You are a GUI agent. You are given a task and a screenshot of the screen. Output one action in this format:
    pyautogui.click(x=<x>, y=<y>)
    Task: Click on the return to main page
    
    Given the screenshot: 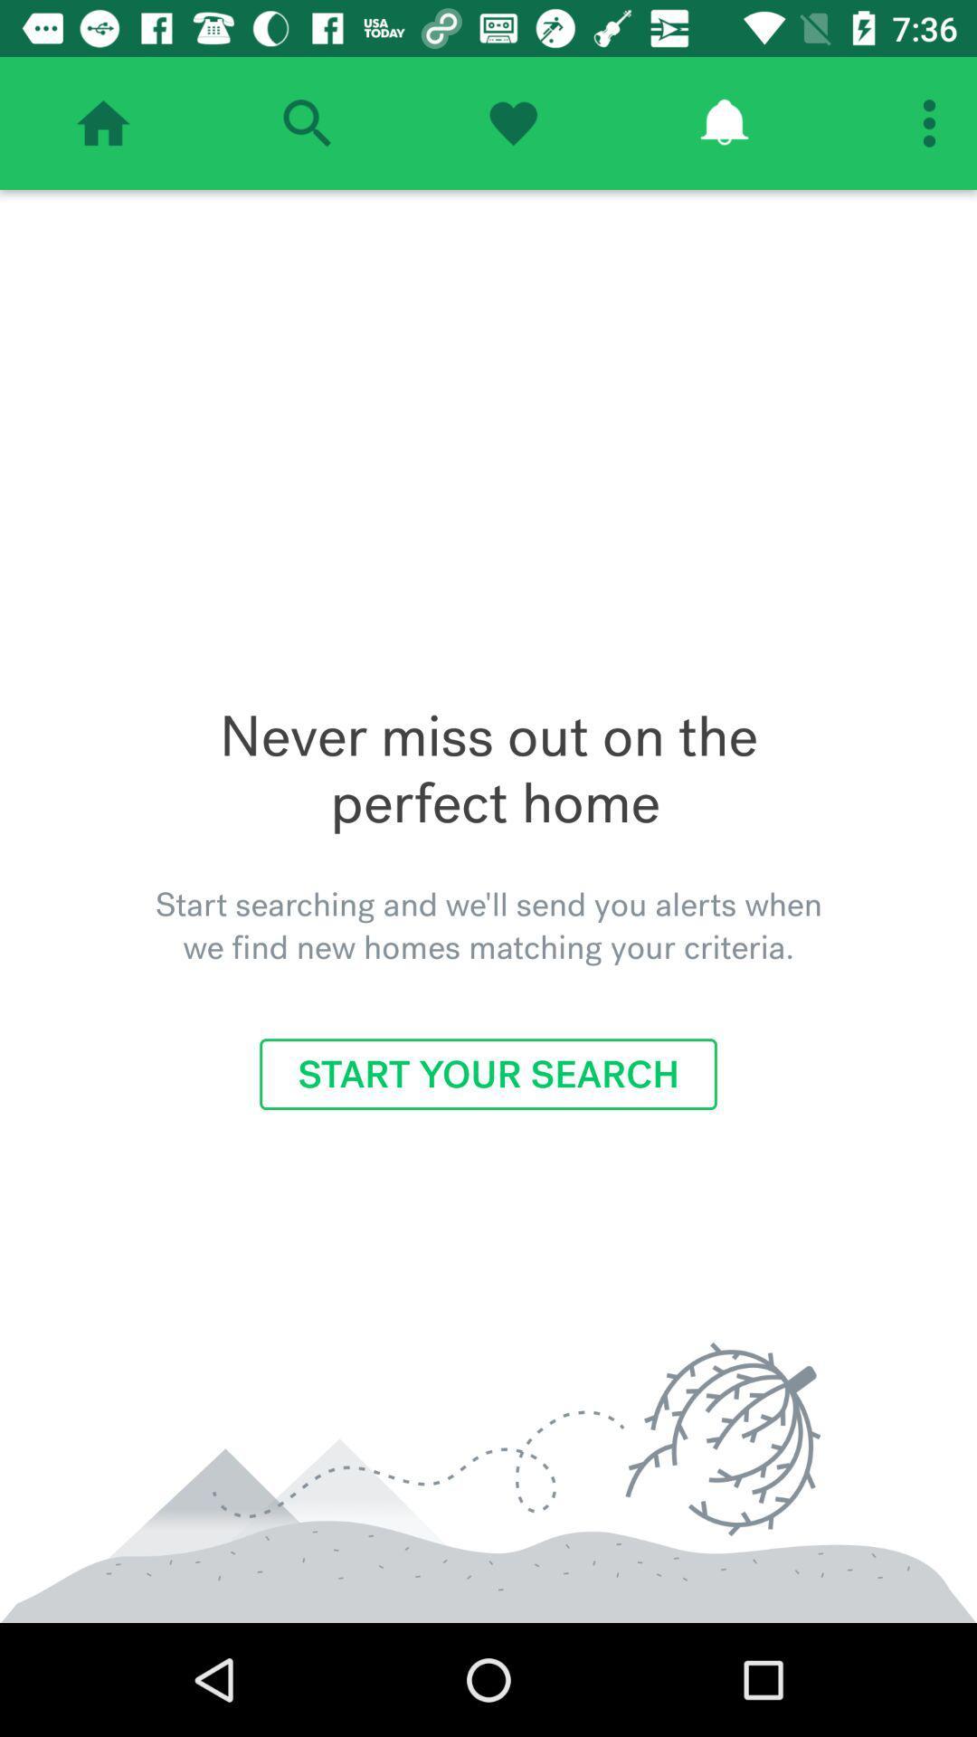 What is the action you would take?
    pyautogui.click(x=103, y=122)
    